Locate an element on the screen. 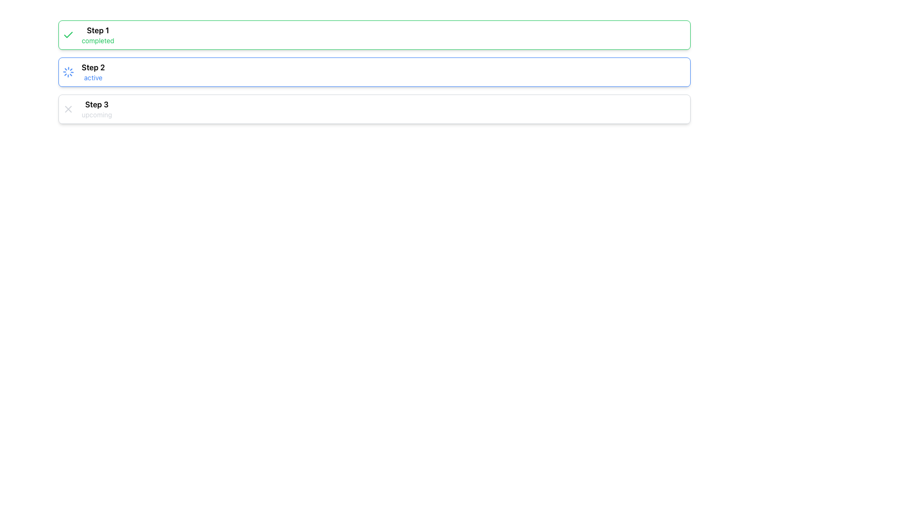 The image size is (912, 513). the Informative card indicating the third step in the process, marked as 'upcoming', located below the 'Step 2' element is located at coordinates (374, 109).